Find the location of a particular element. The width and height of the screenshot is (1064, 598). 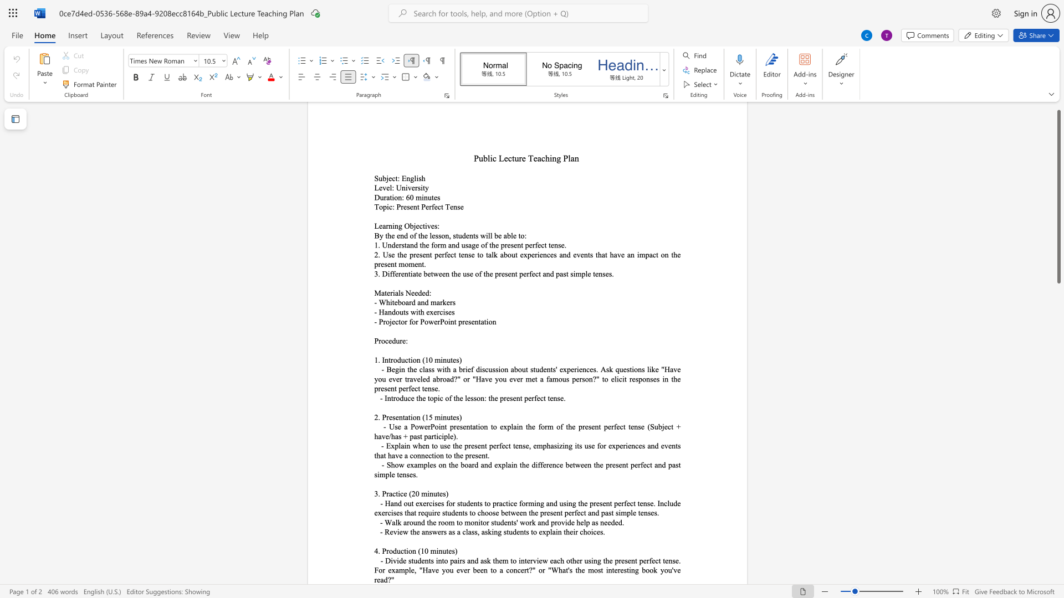

the space between the continuous character "c" and "h" in the text is located at coordinates (560, 560).